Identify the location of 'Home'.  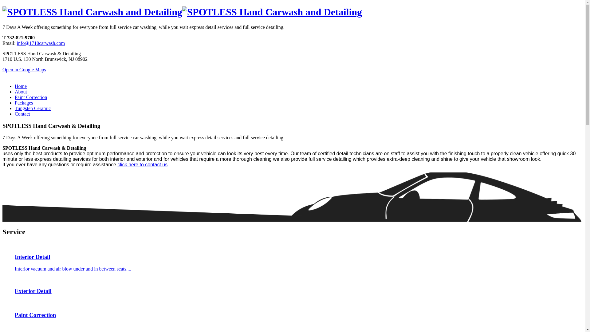
(21, 86).